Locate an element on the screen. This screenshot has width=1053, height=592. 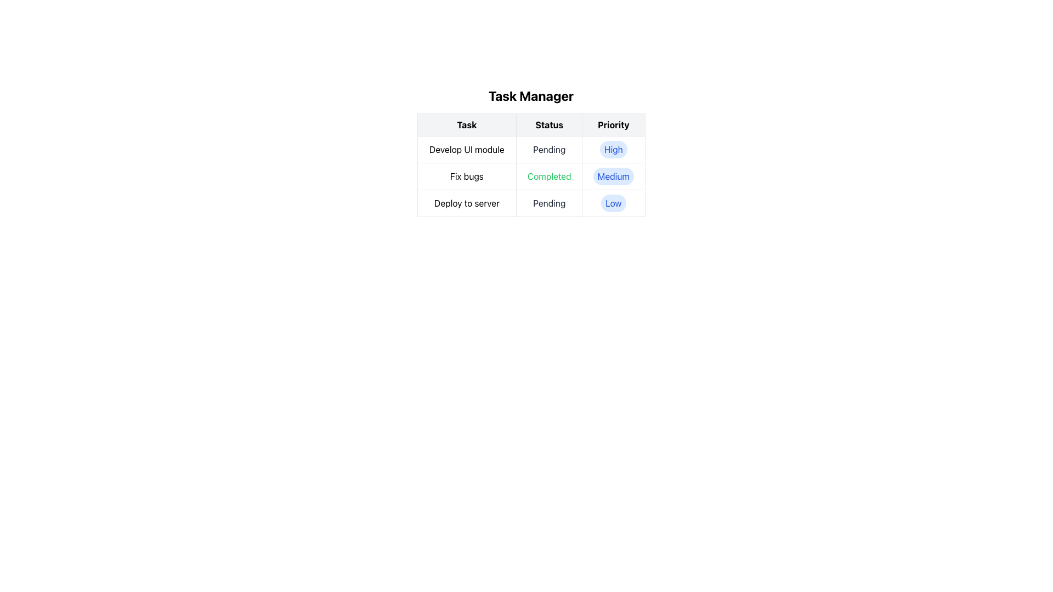
information displayed in the Text label located in the second row of the table under the 'Task Manager' header is located at coordinates (531, 175).